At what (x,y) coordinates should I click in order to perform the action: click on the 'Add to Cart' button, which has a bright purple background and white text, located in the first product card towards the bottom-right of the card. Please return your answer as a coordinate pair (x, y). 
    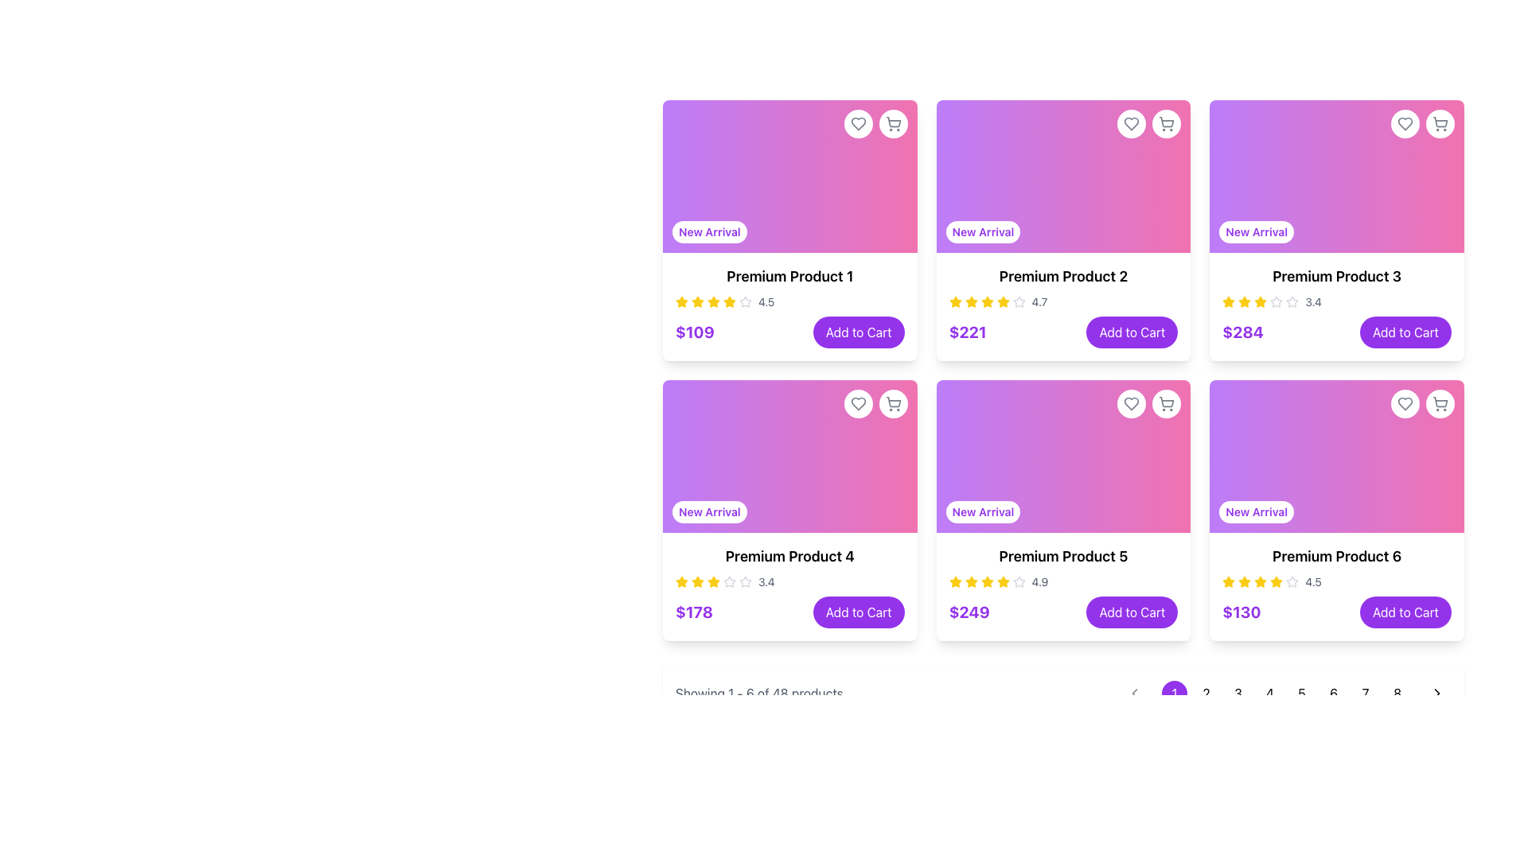
    Looking at the image, I should click on (858, 331).